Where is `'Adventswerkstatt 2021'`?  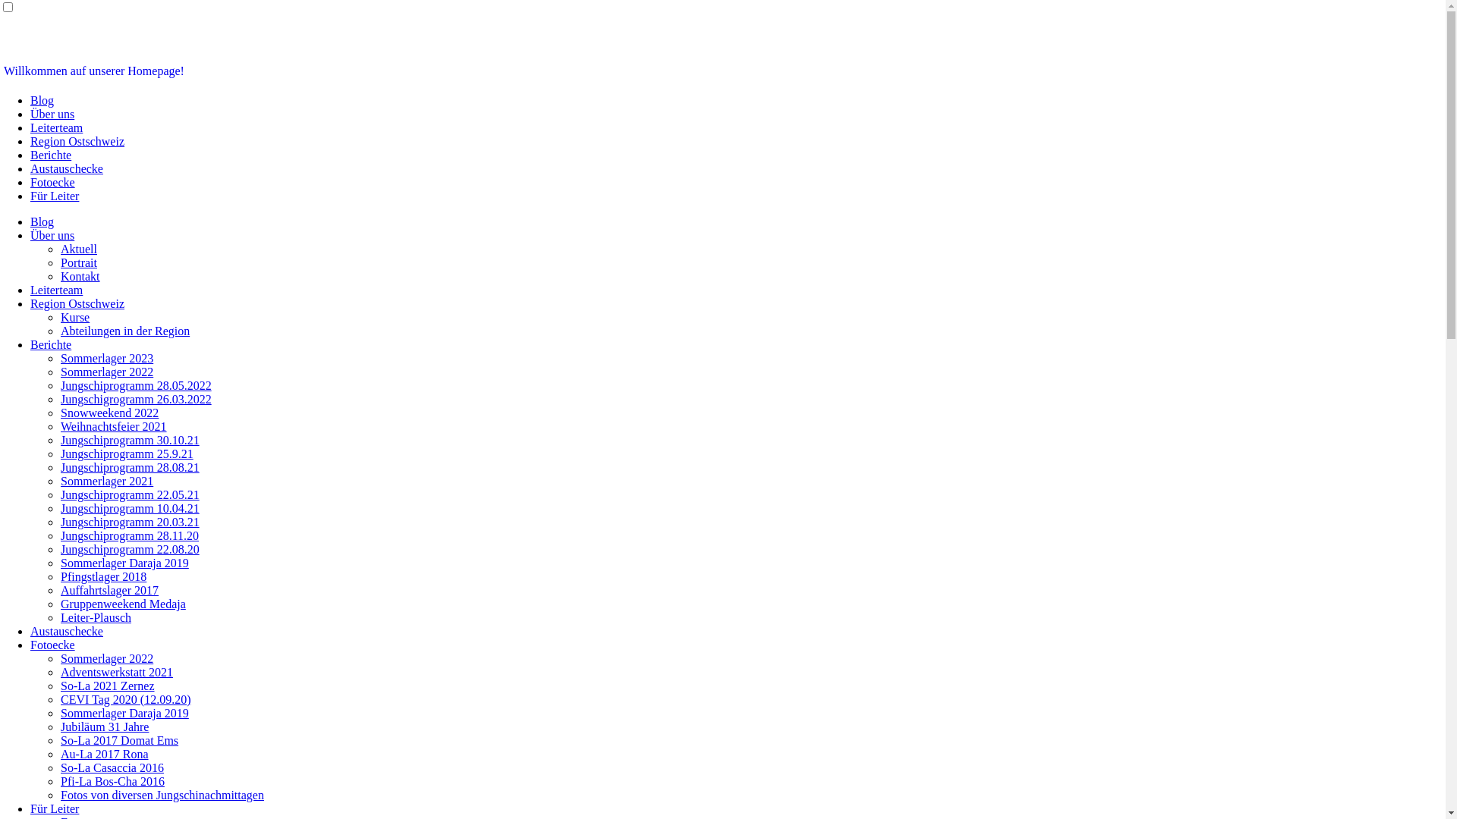 'Adventswerkstatt 2021' is located at coordinates (115, 671).